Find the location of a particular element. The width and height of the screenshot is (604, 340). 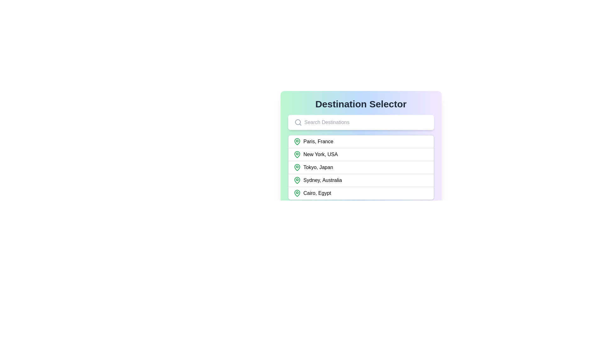

the circular outline icon of the magnifying glass is located at coordinates (297, 122).